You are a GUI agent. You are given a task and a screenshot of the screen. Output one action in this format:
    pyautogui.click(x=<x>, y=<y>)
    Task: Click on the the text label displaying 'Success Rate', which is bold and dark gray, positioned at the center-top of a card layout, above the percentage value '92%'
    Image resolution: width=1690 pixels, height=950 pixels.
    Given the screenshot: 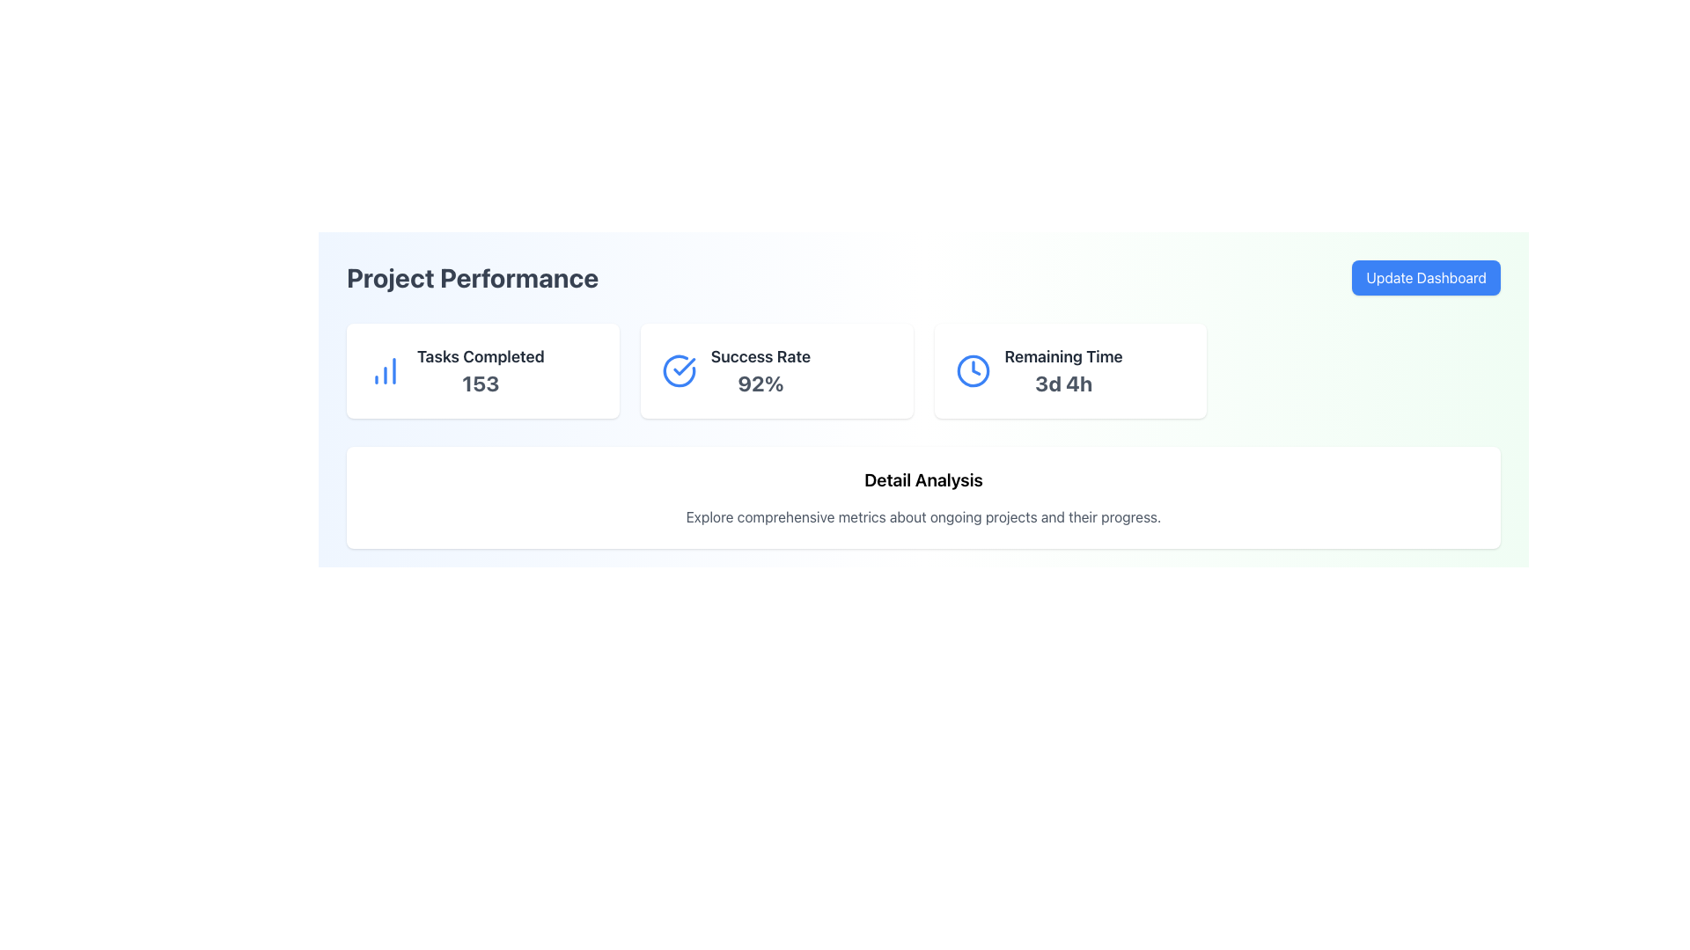 What is the action you would take?
    pyautogui.click(x=760, y=356)
    